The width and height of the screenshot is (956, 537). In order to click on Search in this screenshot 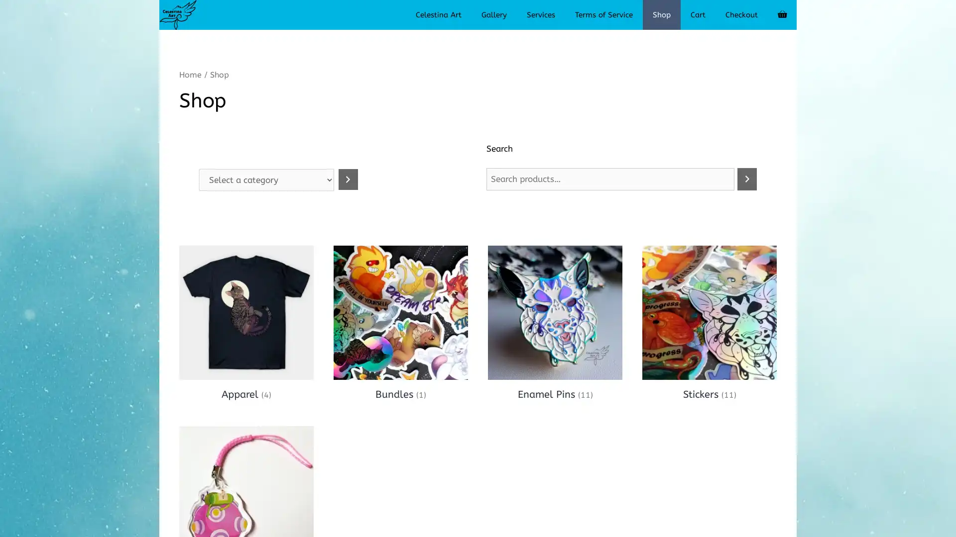, I will do `click(747, 178)`.